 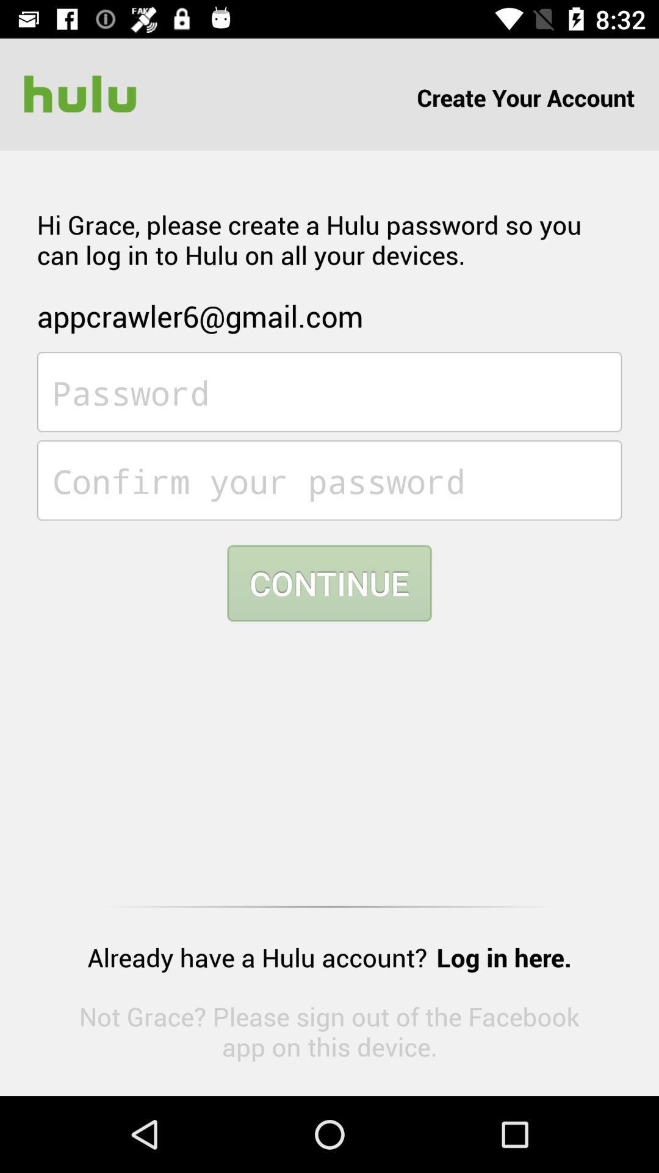 What do you see at coordinates (329, 480) in the screenshot?
I see `re write password exactly as before` at bounding box center [329, 480].